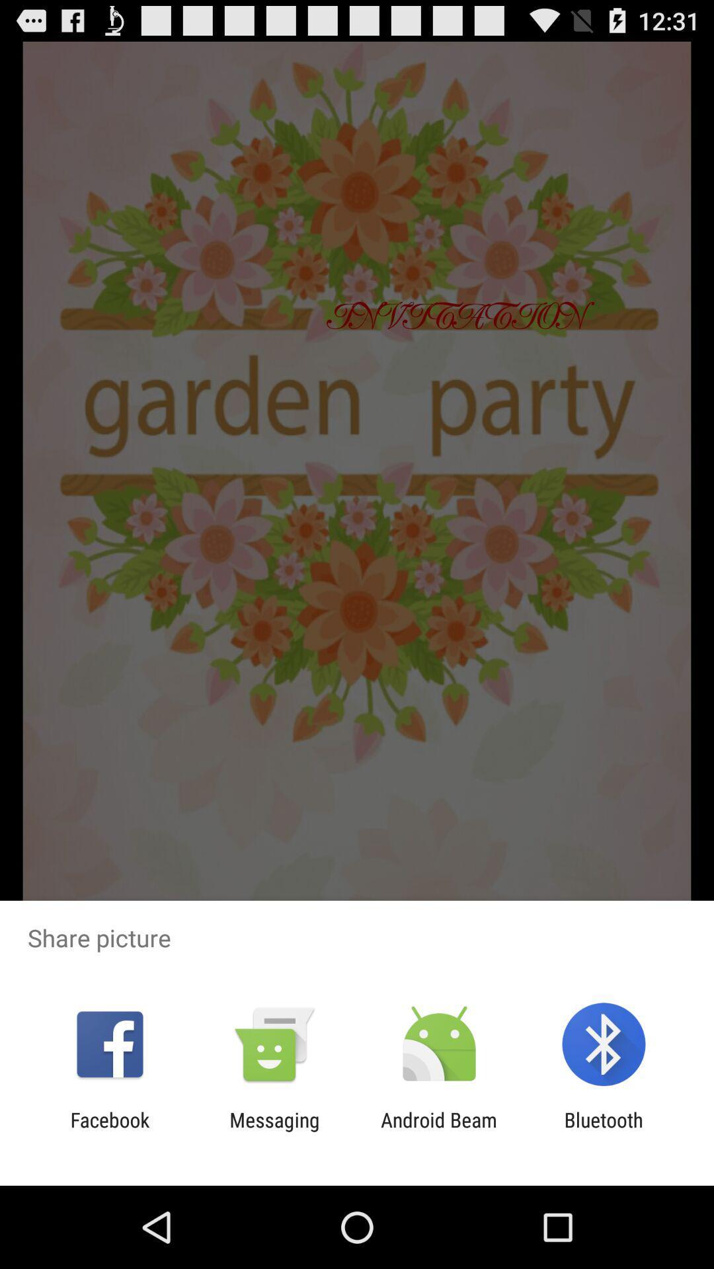  What do you see at coordinates (439, 1131) in the screenshot?
I see `android beam app` at bounding box center [439, 1131].